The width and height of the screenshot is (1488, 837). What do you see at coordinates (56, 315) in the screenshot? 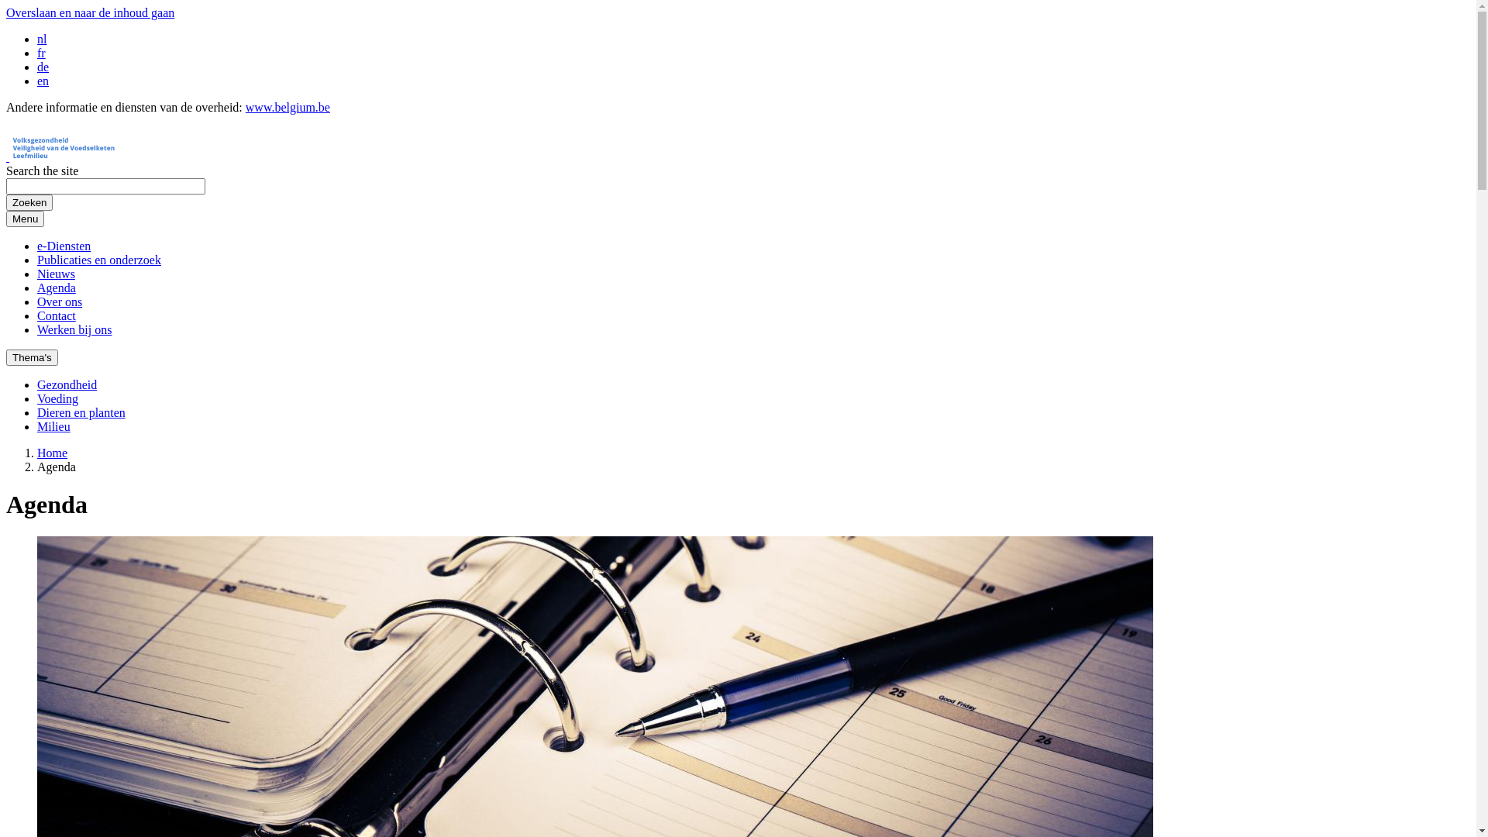
I see `'Contact'` at bounding box center [56, 315].